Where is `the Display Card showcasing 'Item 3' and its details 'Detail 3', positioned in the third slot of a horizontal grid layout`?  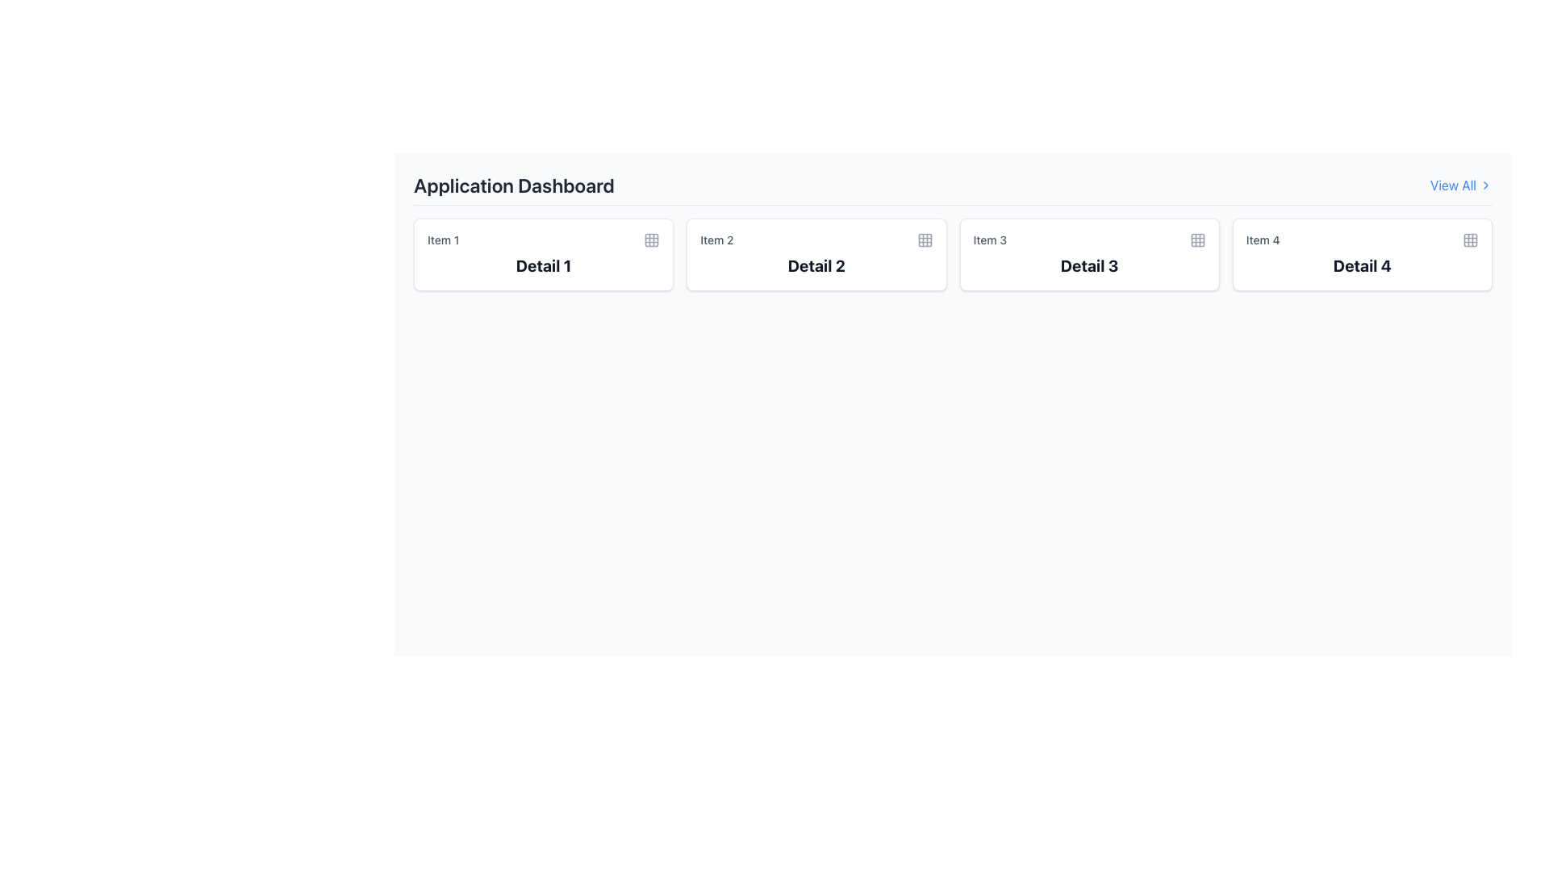
the Display Card showcasing 'Item 3' and its details 'Detail 3', positioned in the third slot of a horizontal grid layout is located at coordinates (1089, 254).